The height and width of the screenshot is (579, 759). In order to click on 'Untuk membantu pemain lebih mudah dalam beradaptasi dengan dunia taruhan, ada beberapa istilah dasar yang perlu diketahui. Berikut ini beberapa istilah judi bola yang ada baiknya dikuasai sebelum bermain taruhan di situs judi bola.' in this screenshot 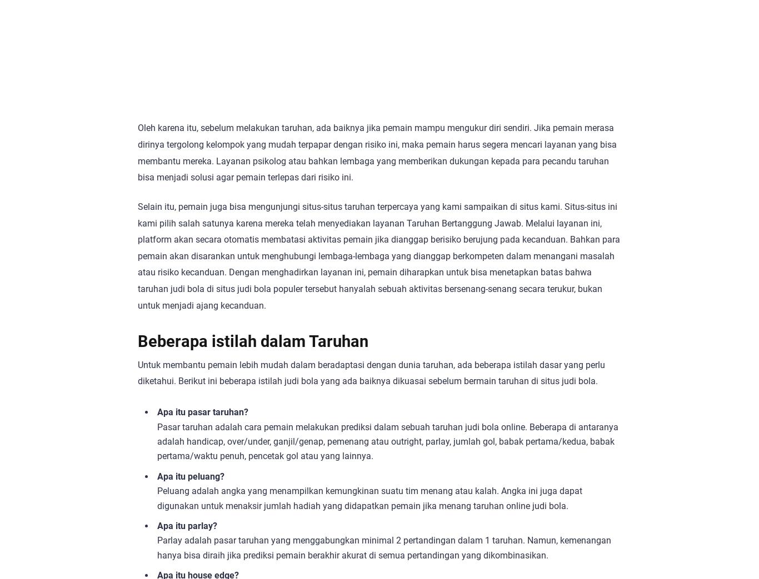, I will do `click(371, 372)`.